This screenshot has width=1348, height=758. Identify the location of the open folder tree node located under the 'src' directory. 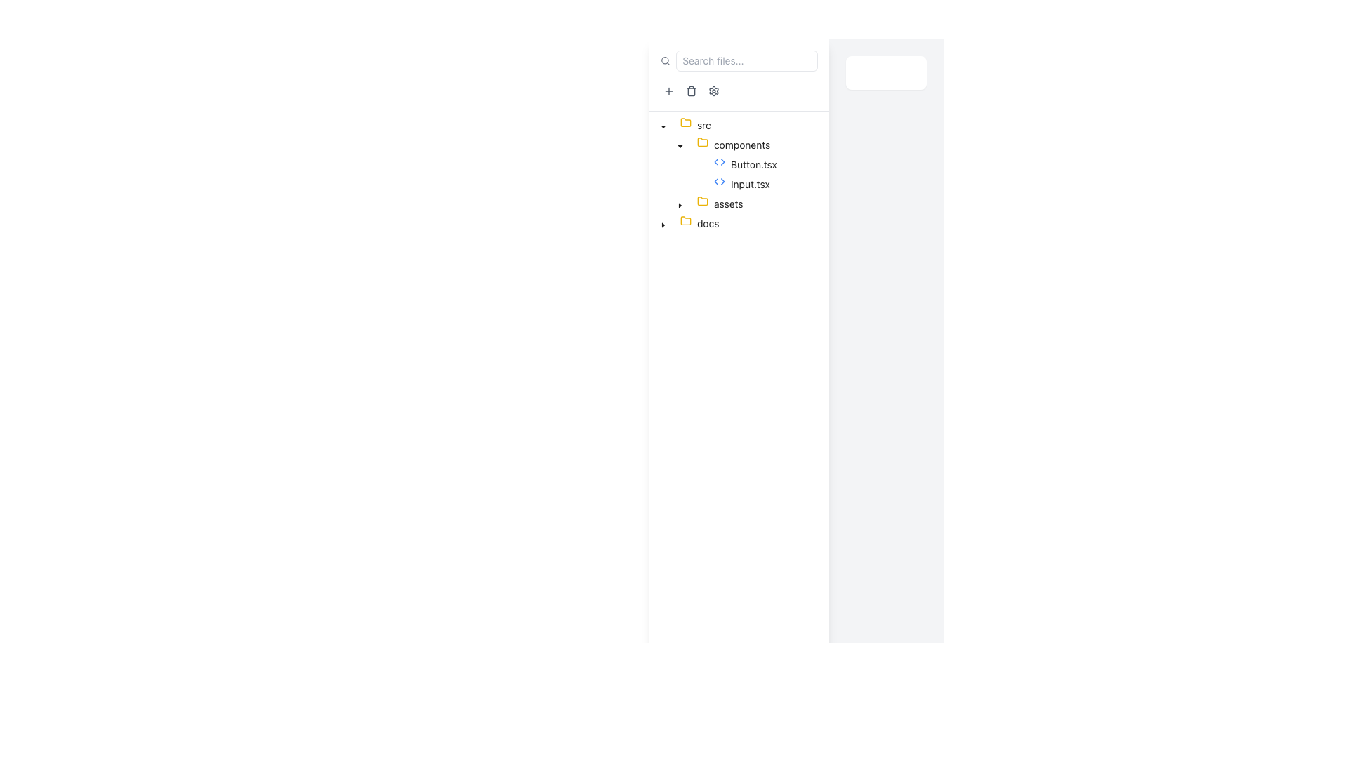
(733, 145).